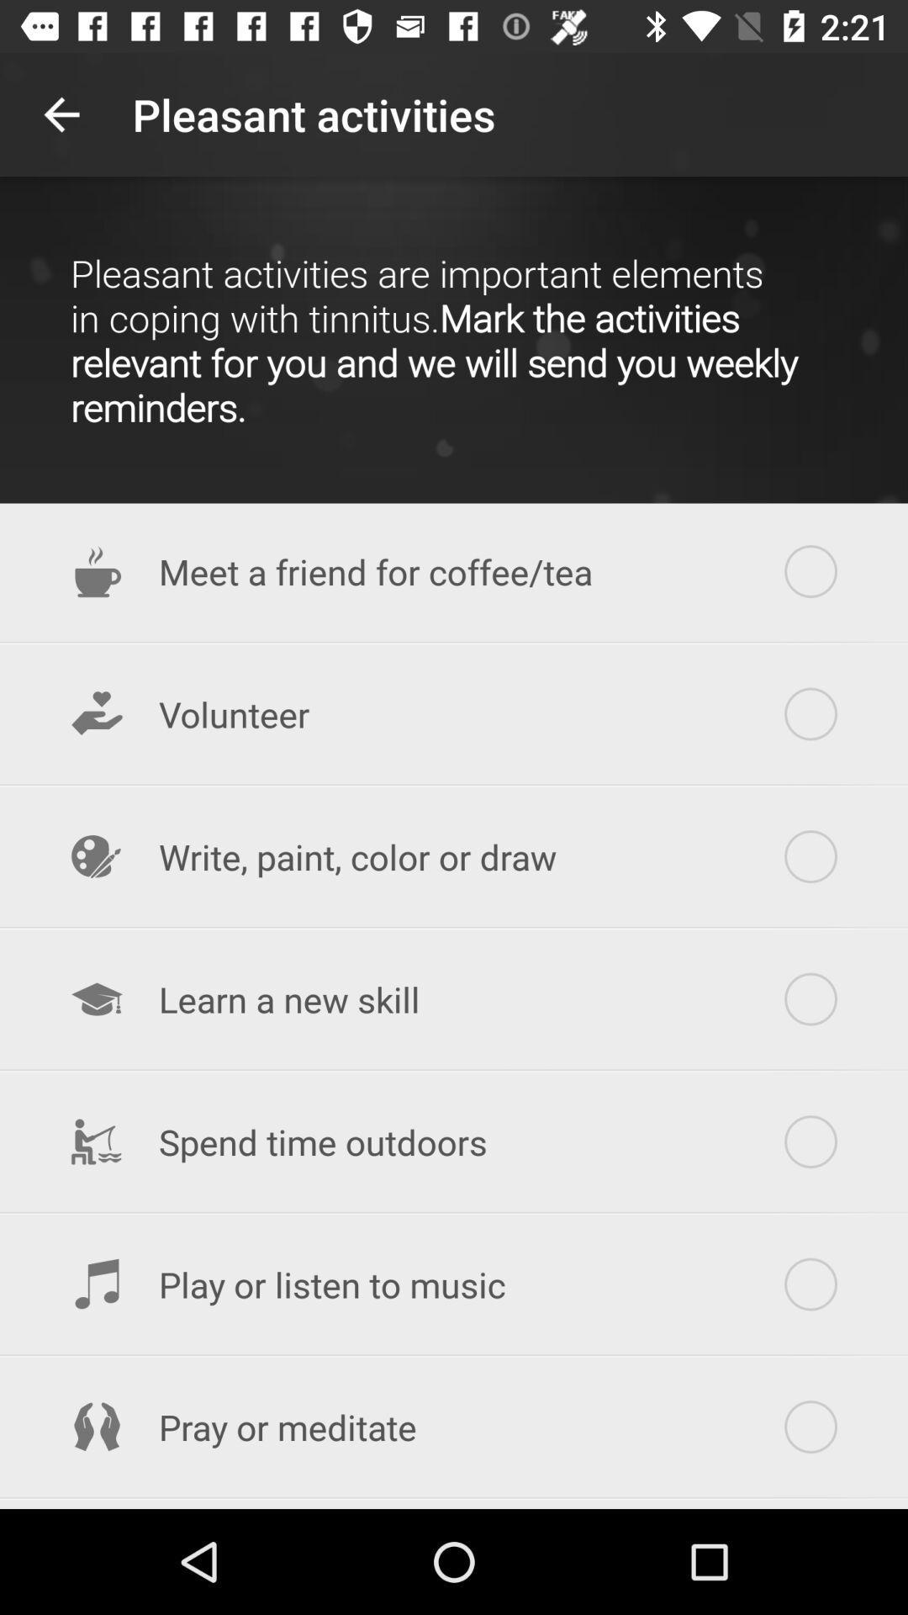 Image resolution: width=908 pixels, height=1615 pixels. I want to click on icon above the pleasant activities are, so click(61, 114).